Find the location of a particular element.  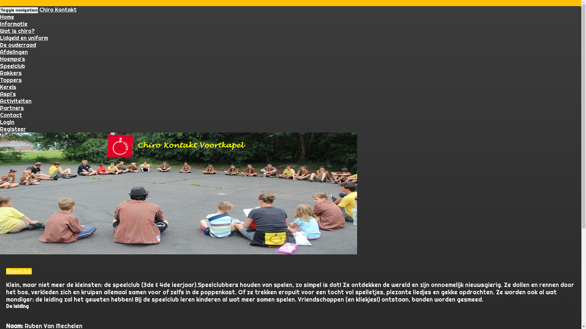

'Partners' is located at coordinates (12, 108).